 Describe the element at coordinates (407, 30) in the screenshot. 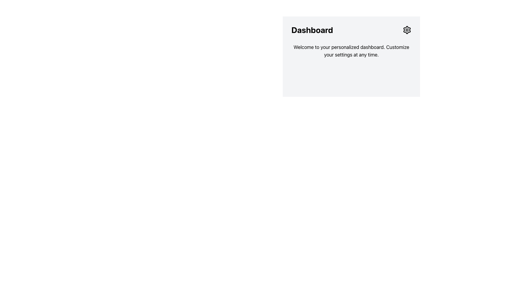

I see `the gear icon located at the right end of the header section labeled 'Dashboard'` at that location.